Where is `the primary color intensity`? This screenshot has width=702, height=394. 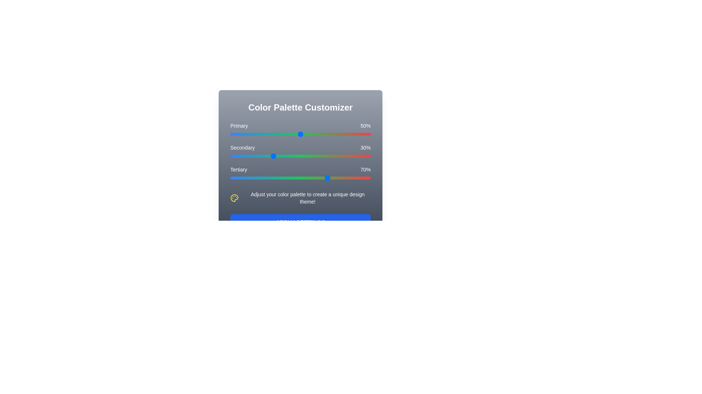 the primary color intensity is located at coordinates (332, 134).